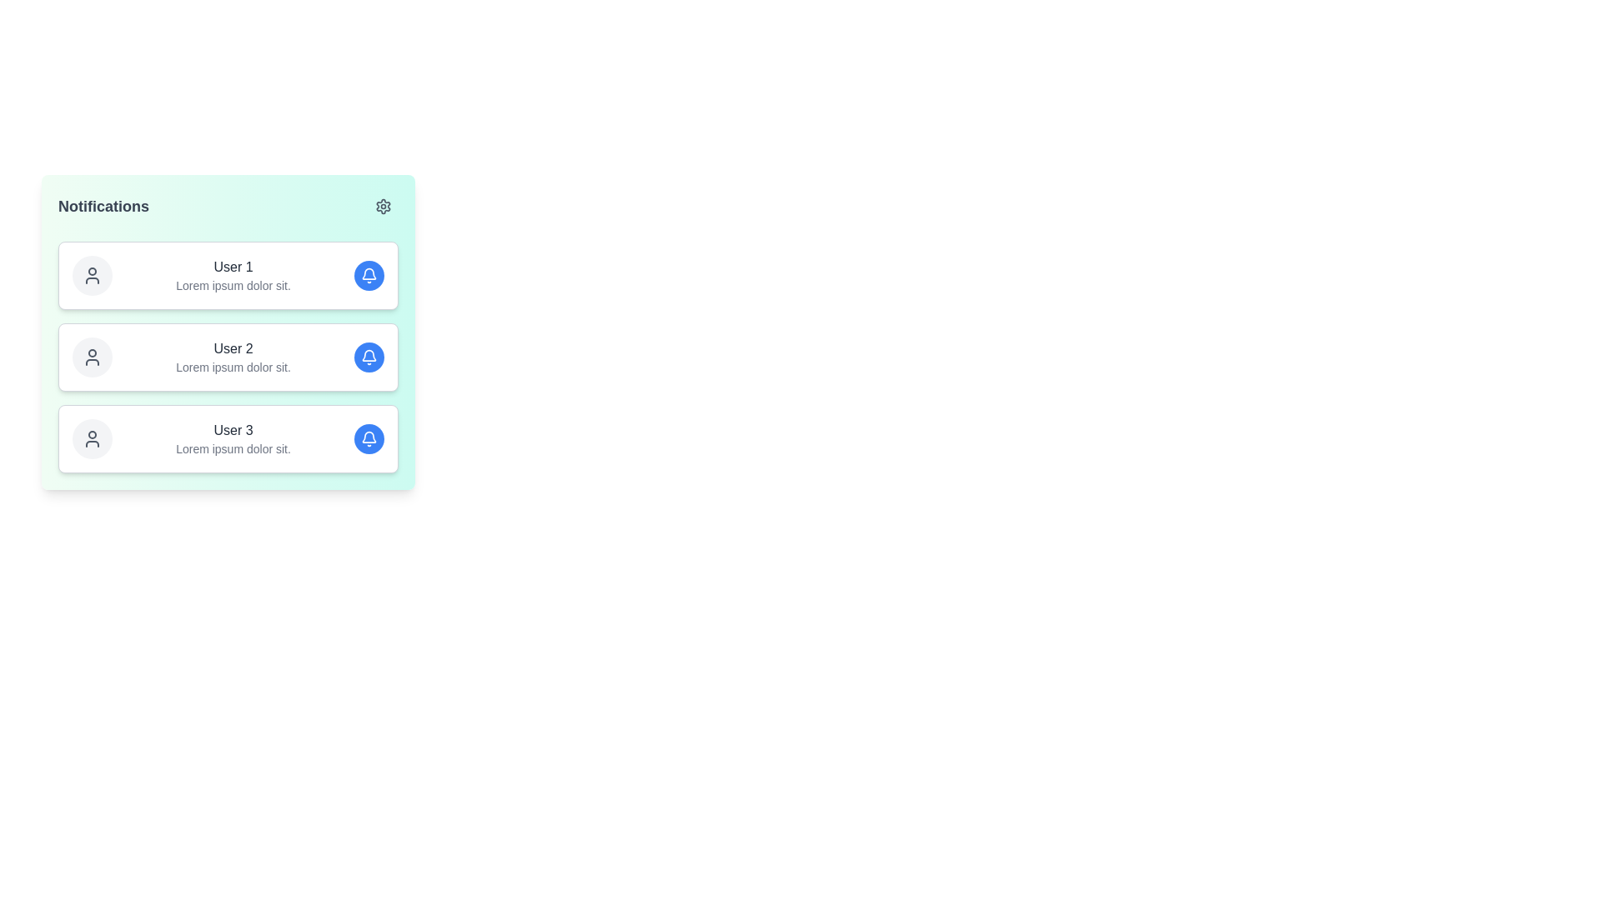  What do you see at coordinates (232, 356) in the screenshot?
I see `the text display element that shows 'User 2' and 'Lorem ipsum dolor sit.' which is styled with medium font weight and dark gray color, located in the second slot of a notification card list` at bounding box center [232, 356].